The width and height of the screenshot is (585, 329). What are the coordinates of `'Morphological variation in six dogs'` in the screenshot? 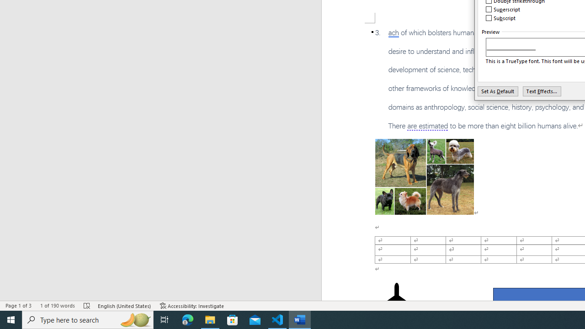 It's located at (424, 177).